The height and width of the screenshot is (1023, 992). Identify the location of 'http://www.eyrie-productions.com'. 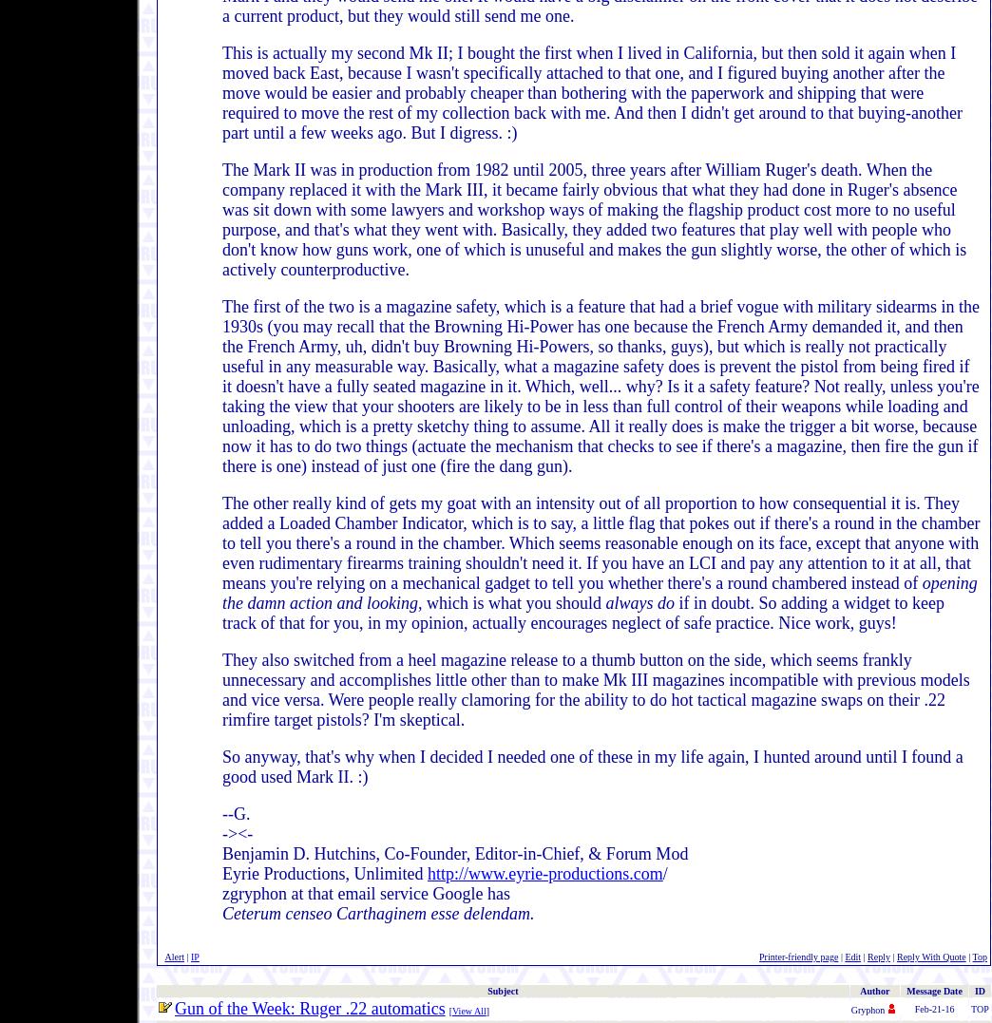
(544, 872).